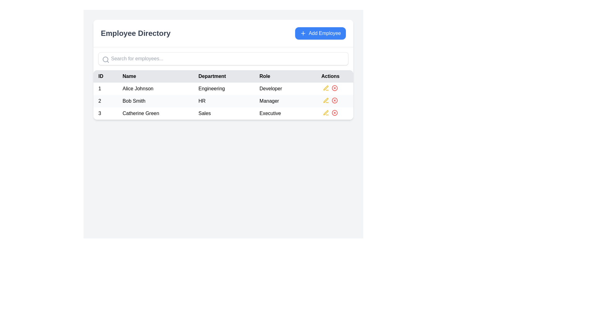  What do you see at coordinates (224, 76) in the screenshot?
I see `the table header labeled 'Department', which is the third header cell in the grid header row of the data table` at bounding box center [224, 76].